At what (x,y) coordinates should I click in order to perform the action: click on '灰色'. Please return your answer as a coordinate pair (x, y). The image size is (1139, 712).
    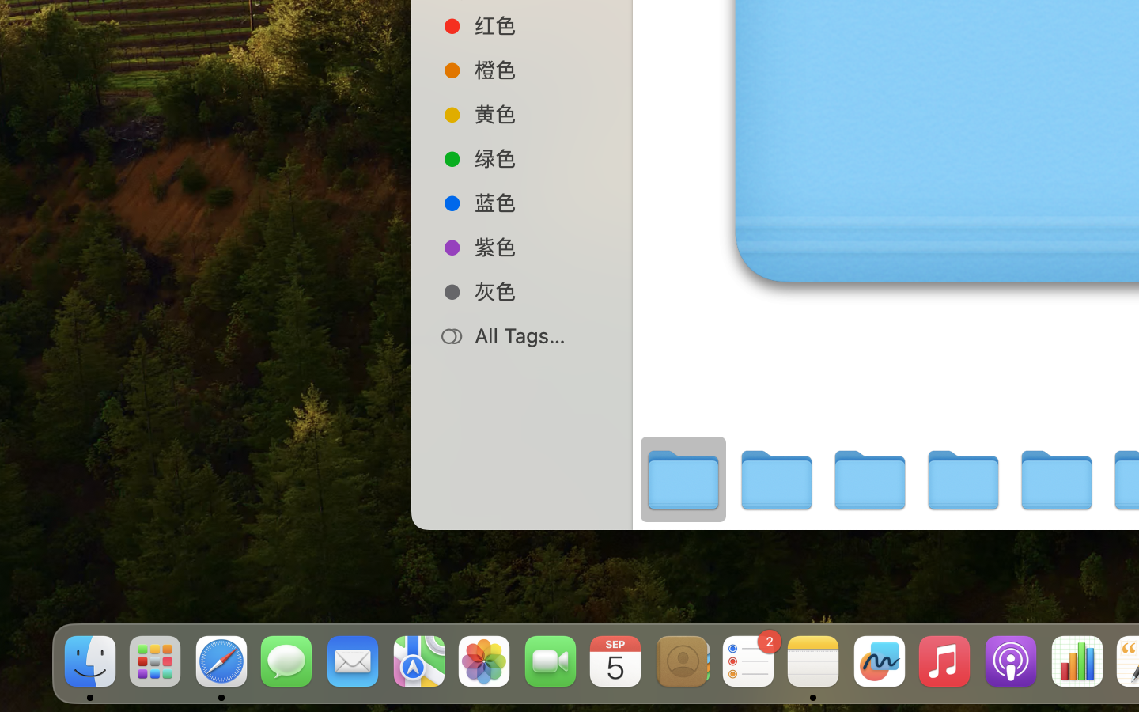
    Looking at the image, I should click on (538, 291).